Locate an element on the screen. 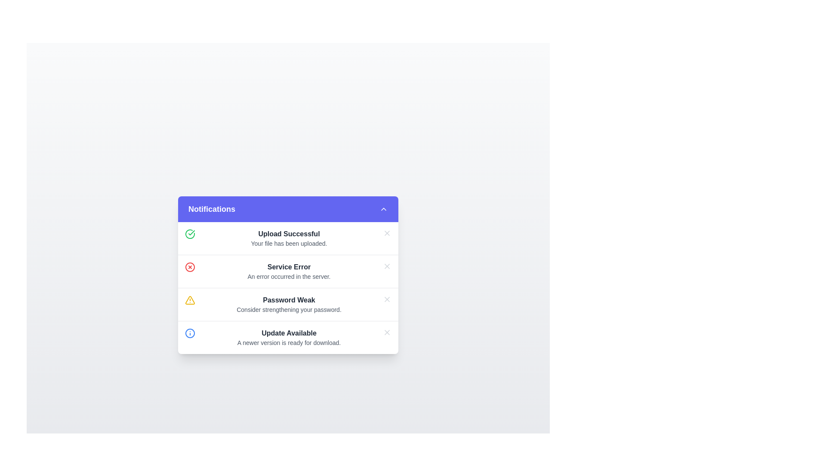 Image resolution: width=826 pixels, height=464 pixels. the green circle icon with a white checkmark that indicates a successful action, located within the 'Upload Successful' notification is located at coordinates (189, 233).